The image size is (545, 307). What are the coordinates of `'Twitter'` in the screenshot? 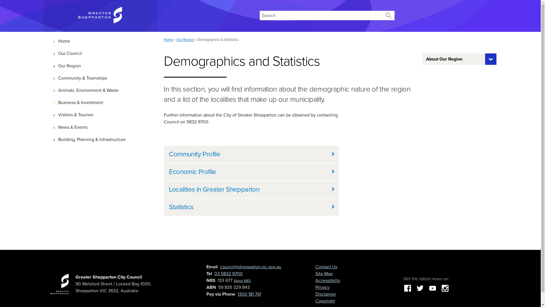 It's located at (420, 288).